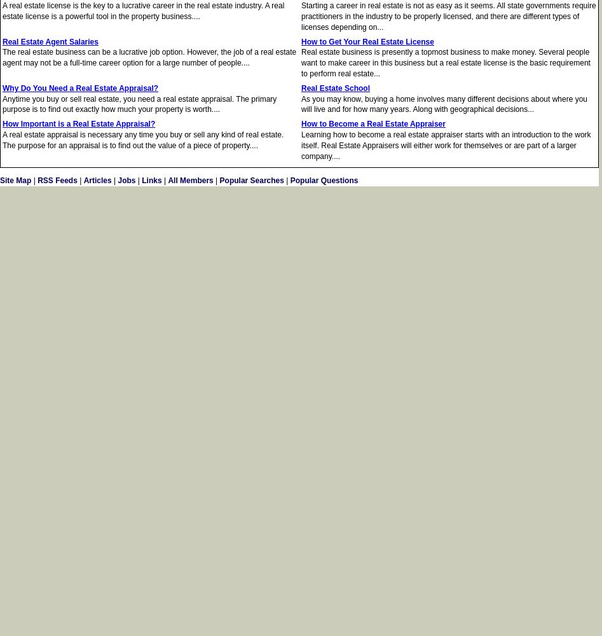 This screenshot has height=636, width=602. I want to click on 'A real estate appraisal is necessary any time you buy or sell any kind of real estate. The purpose for an appraisal is to find out the value of a piece of property....', so click(143, 139).